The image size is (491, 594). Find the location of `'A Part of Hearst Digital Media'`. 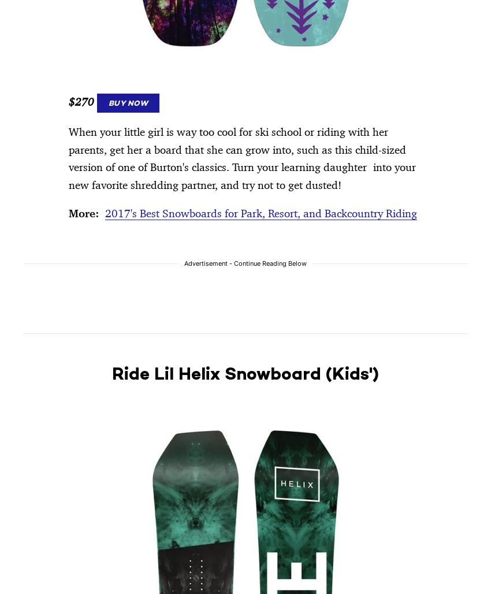

'A Part of Hearst Digital Media' is located at coordinates (77, 62).